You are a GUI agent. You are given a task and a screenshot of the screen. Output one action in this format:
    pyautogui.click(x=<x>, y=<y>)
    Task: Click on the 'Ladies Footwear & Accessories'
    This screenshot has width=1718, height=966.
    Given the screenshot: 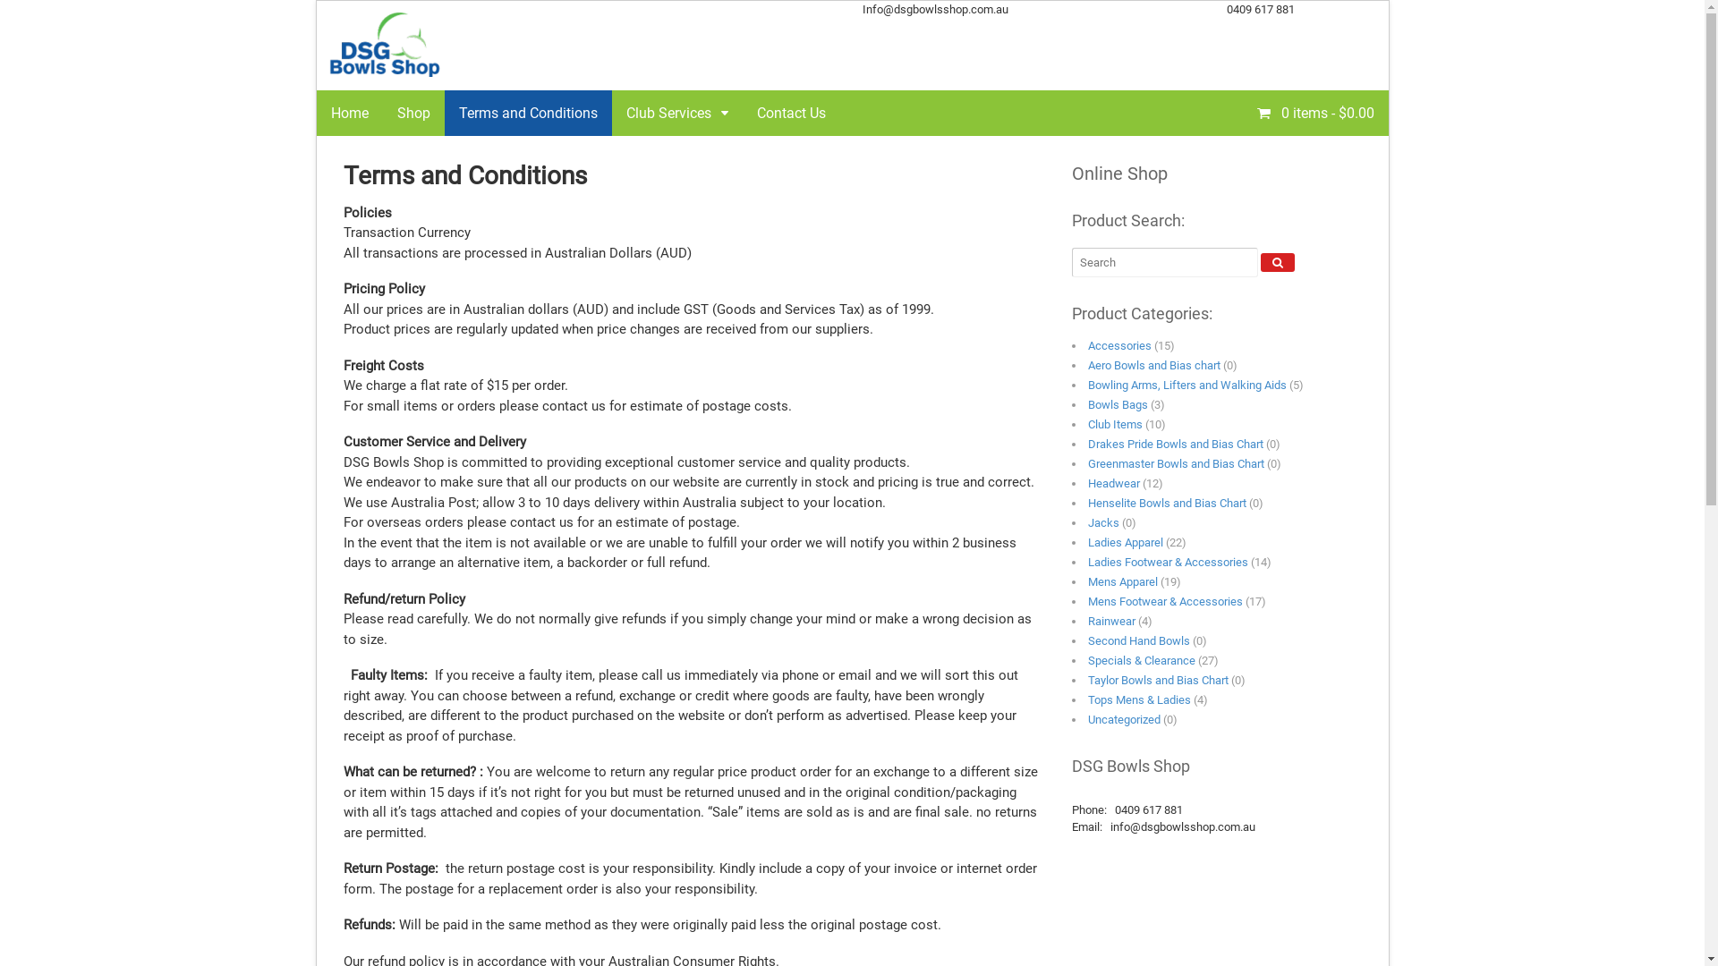 What is the action you would take?
    pyautogui.click(x=1086, y=561)
    